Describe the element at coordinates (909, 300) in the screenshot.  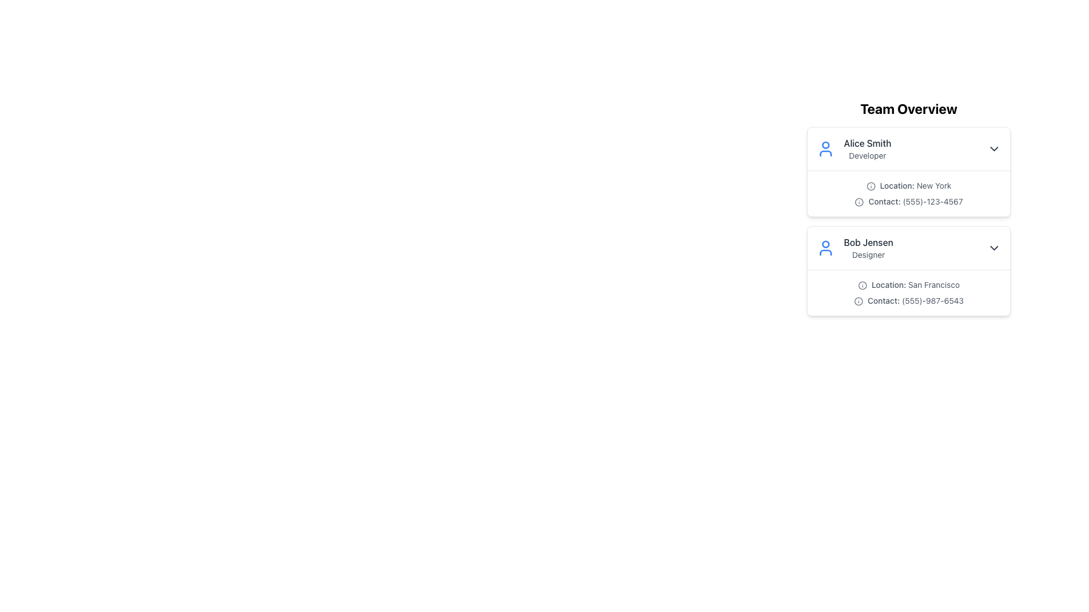
I see `the text label displaying contact information for 'Bob Jensen', which is positioned below the 'Location: San Francisco' text block` at that location.